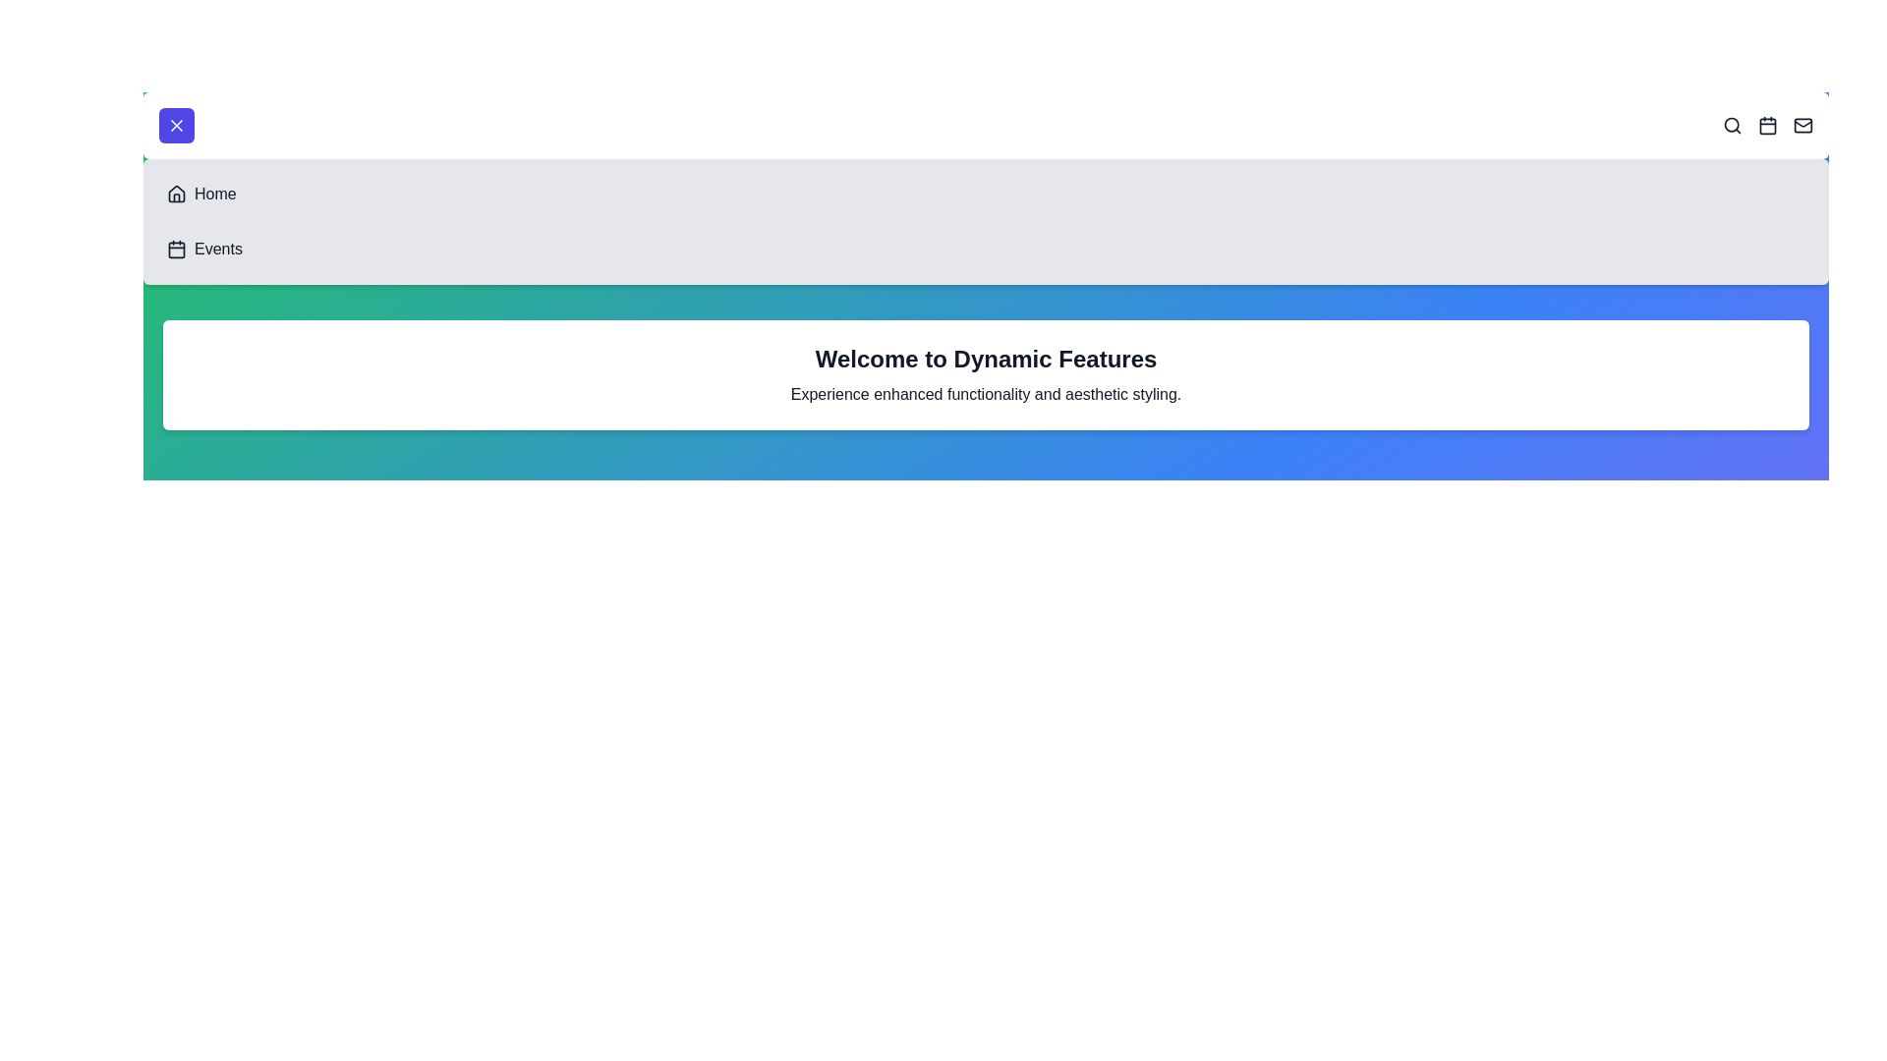 Image resolution: width=1887 pixels, height=1061 pixels. Describe the element at coordinates (1732, 125) in the screenshot. I see `the Search icon in the header` at that location.